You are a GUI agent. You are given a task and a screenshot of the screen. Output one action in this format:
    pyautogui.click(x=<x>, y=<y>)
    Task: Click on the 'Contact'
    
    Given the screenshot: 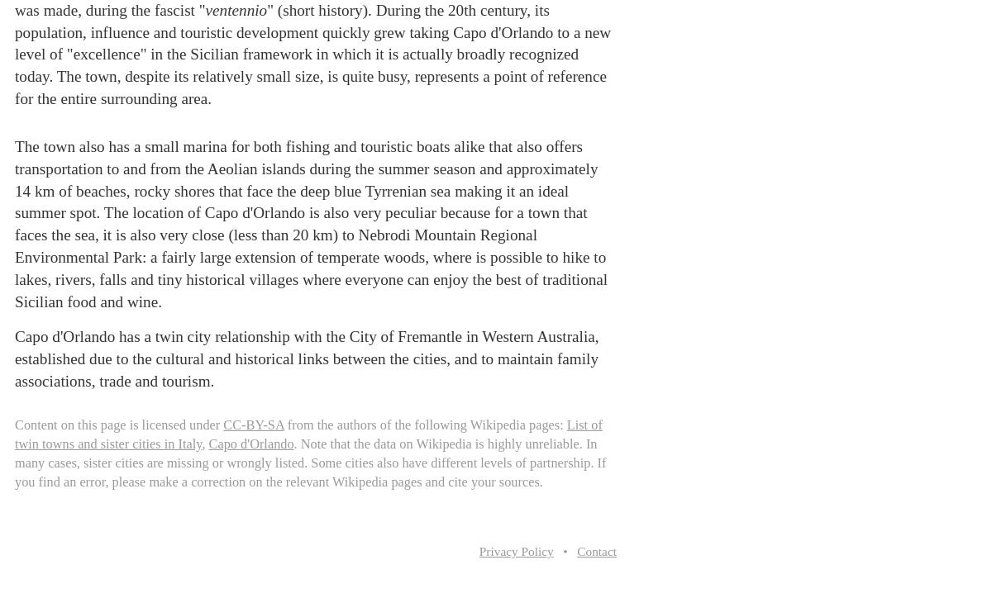 What is the action you would take?
    pyautogui.click(x=597, y=549)
    